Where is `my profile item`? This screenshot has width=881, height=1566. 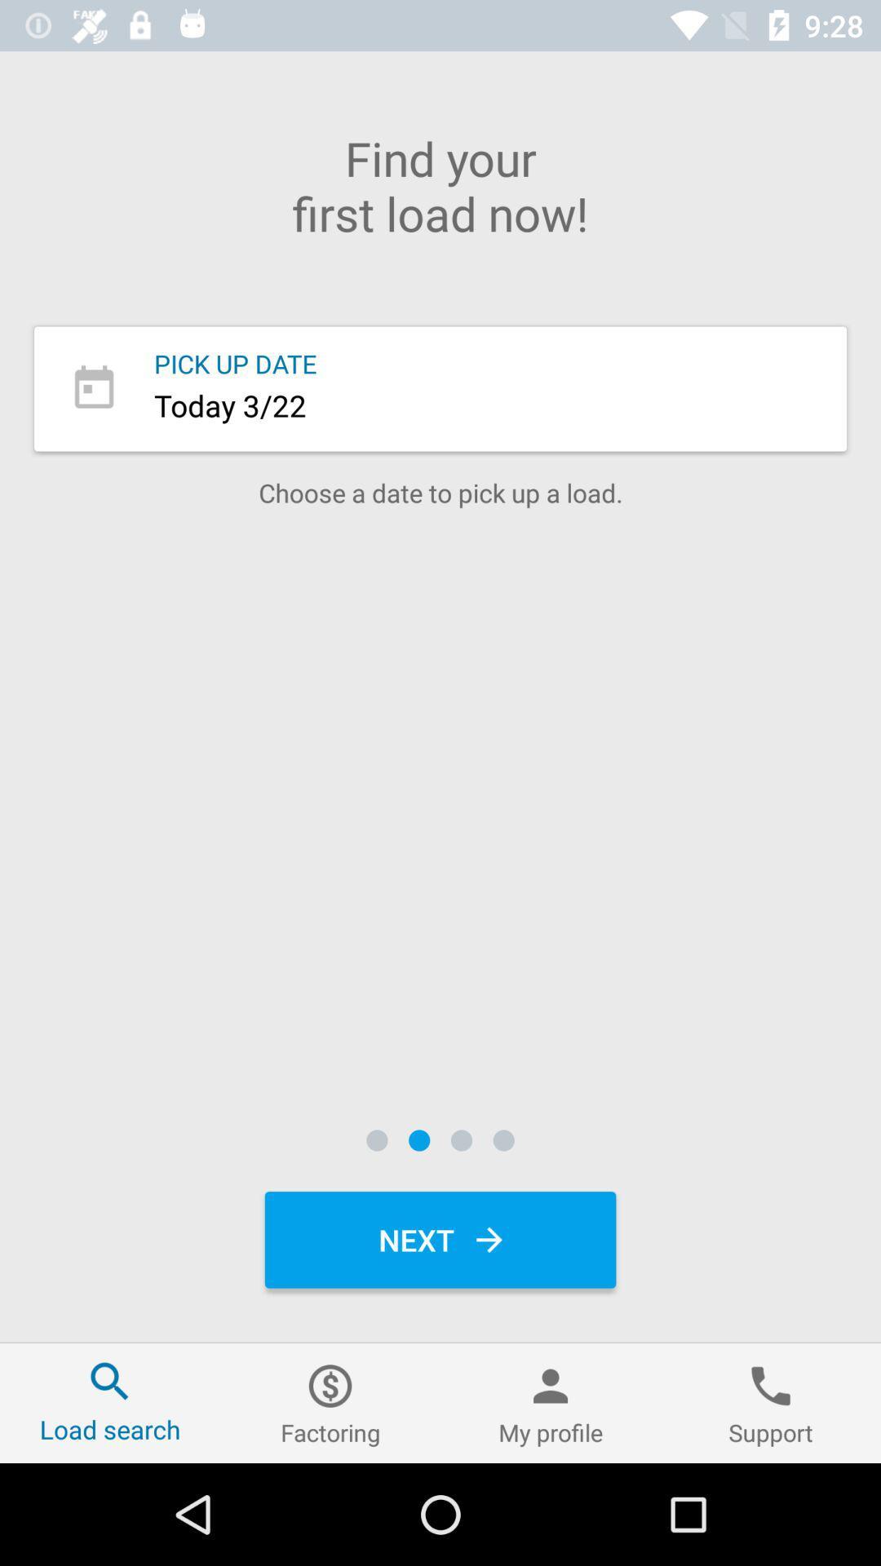 my profile item is located at coordinates (551, 1402).